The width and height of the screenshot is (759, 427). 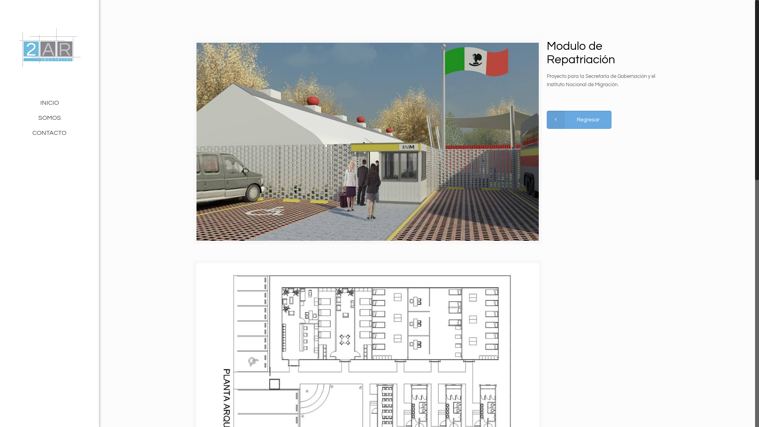 What do you see at coordinates (49, 132) in the screenshot?
I see `'CONTACTO'` at bounding box center [49, 132].